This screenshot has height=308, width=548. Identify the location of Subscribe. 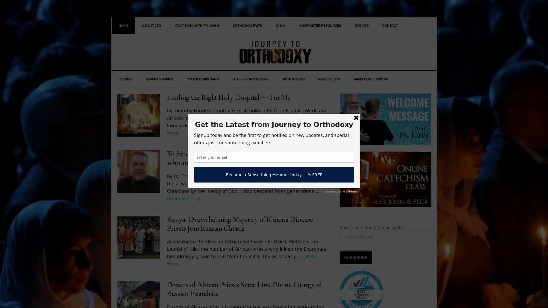
(355, 257).